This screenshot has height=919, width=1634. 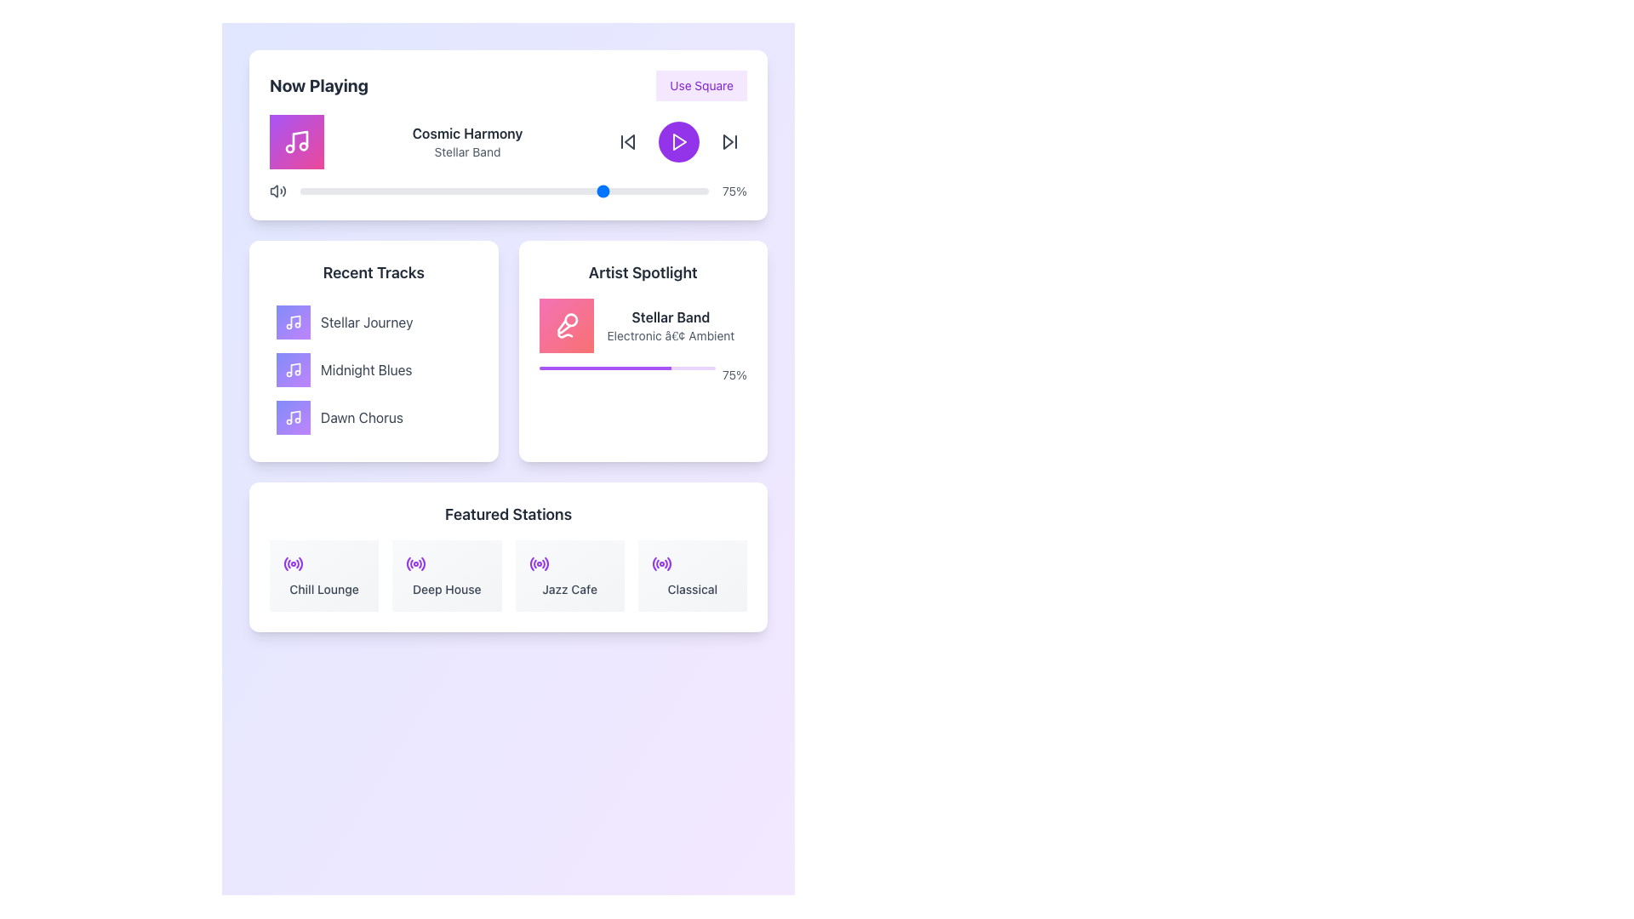 What do you see at coordinates (524, 191) in the screenshot?
I see `the slider` at bounding box center [524, 191].